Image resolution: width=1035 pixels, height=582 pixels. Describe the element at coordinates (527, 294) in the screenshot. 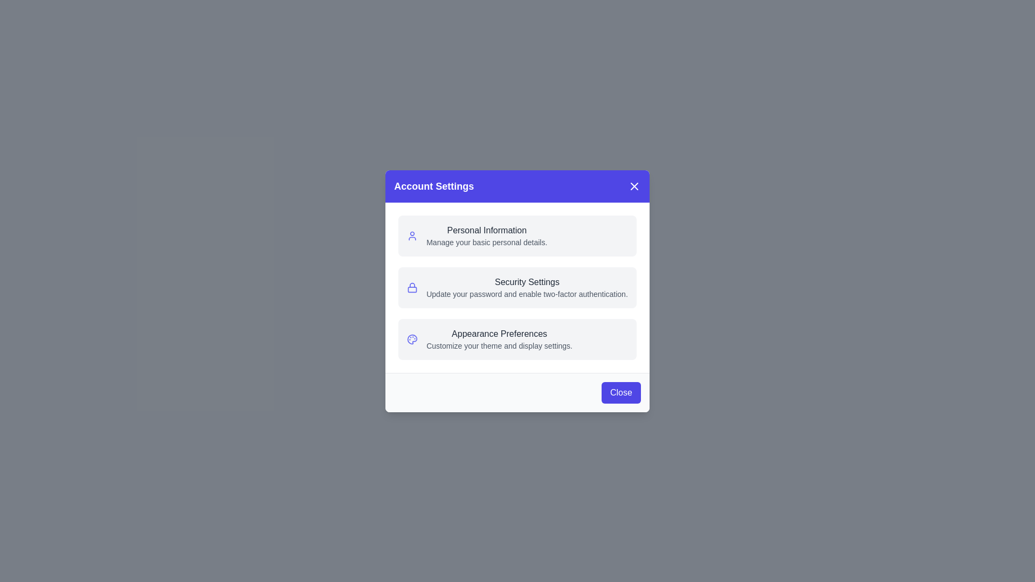

I see `the text label that says 'Update your password and enable two-factor authentication.' which is located directly below the 'Security Settings' title in the modal dialog` at that location.